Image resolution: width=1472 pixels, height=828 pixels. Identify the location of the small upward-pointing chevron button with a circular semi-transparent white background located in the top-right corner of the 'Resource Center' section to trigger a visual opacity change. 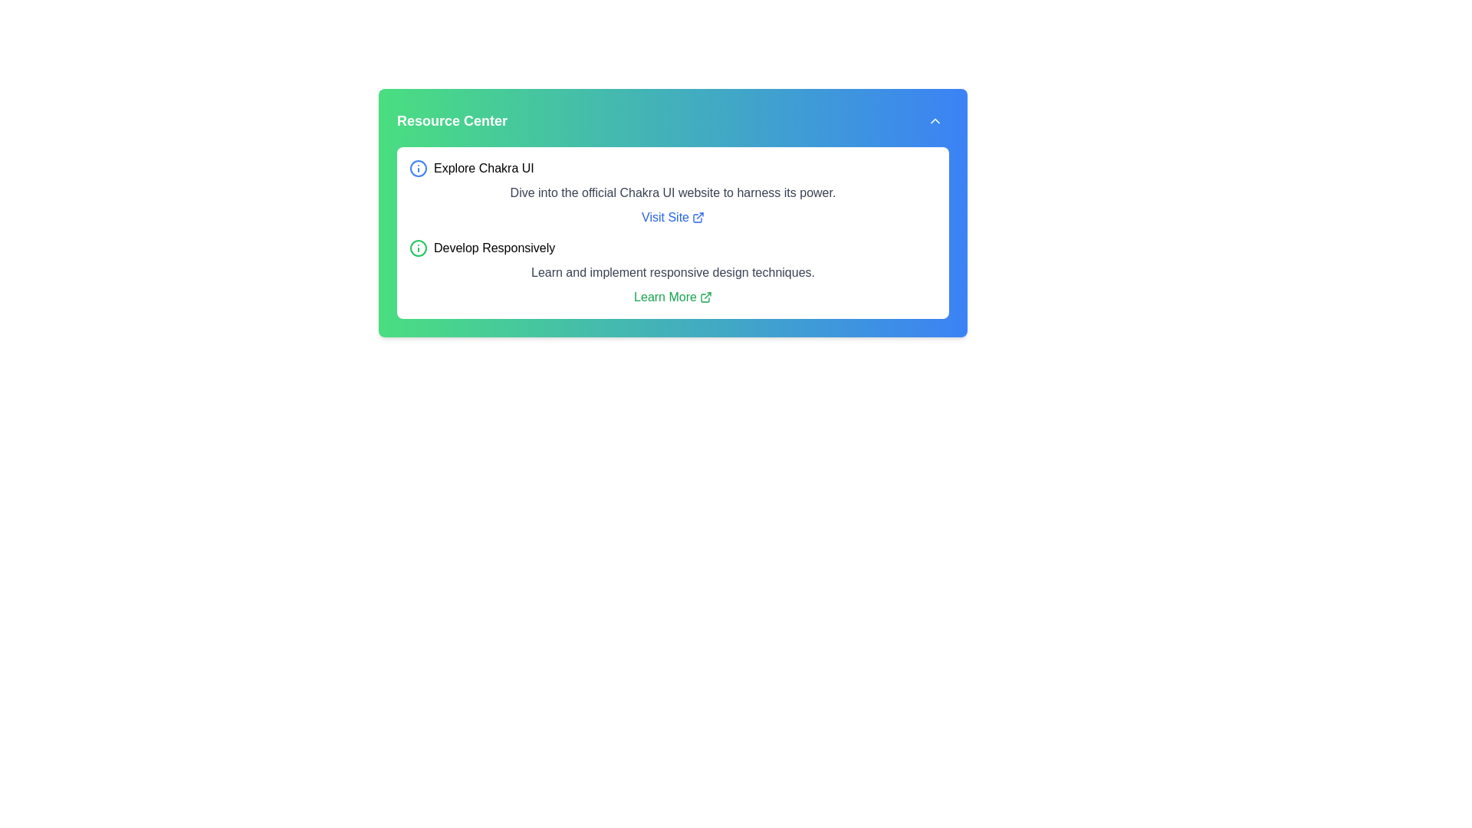
(934, 120).